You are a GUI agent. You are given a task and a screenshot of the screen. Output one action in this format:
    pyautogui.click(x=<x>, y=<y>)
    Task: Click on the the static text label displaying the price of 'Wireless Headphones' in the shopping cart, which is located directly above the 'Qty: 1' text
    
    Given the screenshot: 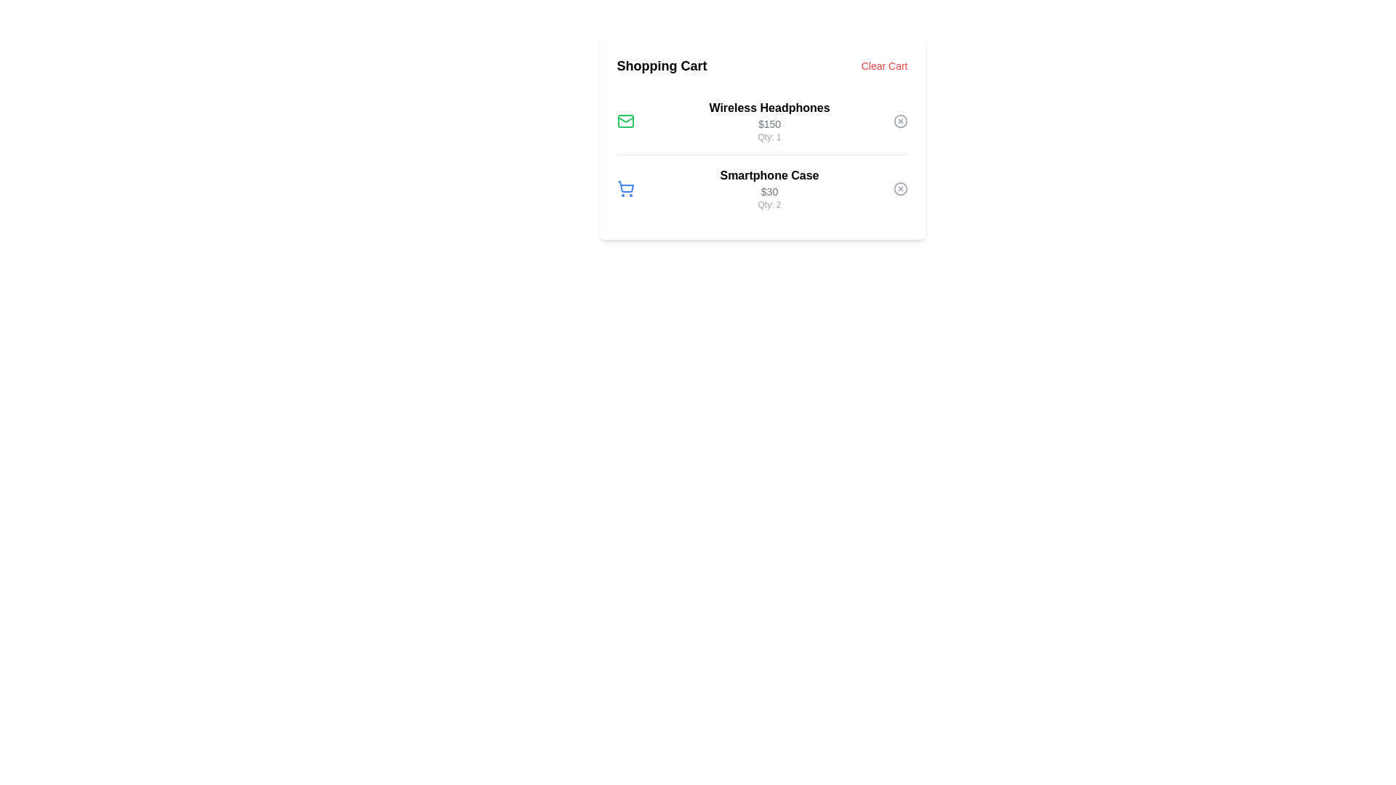 What is the action you would take?
    pyautogui.click(x=769, y=123)
    